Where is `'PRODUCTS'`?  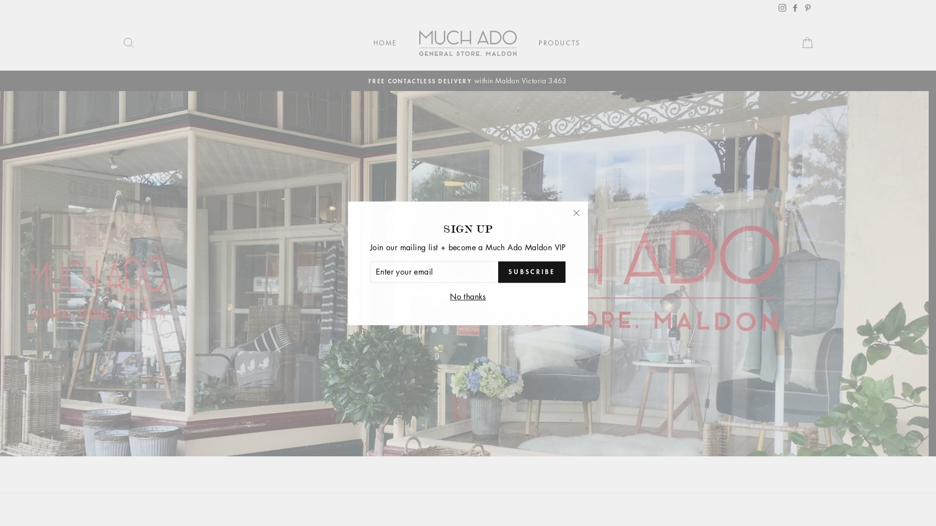 'PRODUCTS' is located at coordinates (556, 42).